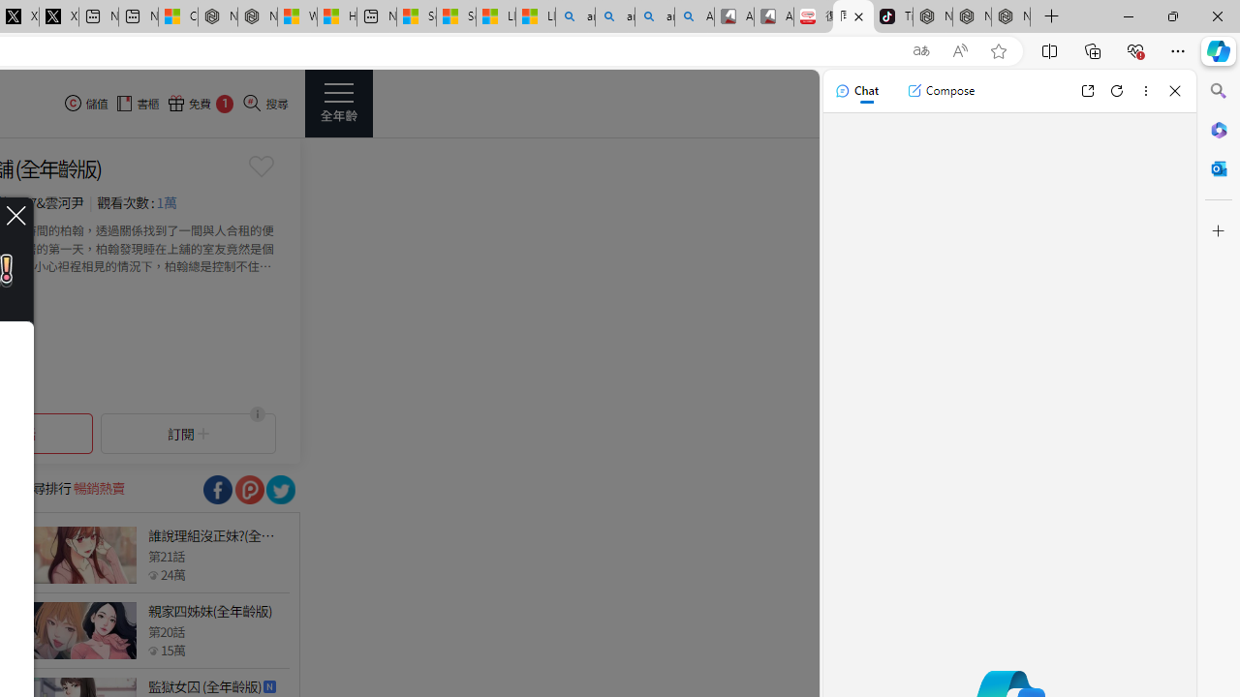  What do you see at coordinates (339, 103) in the screenshot?
I see `'Class: side_menu_btn actionRightMenuBtn'` at bounding box center [339, 103].